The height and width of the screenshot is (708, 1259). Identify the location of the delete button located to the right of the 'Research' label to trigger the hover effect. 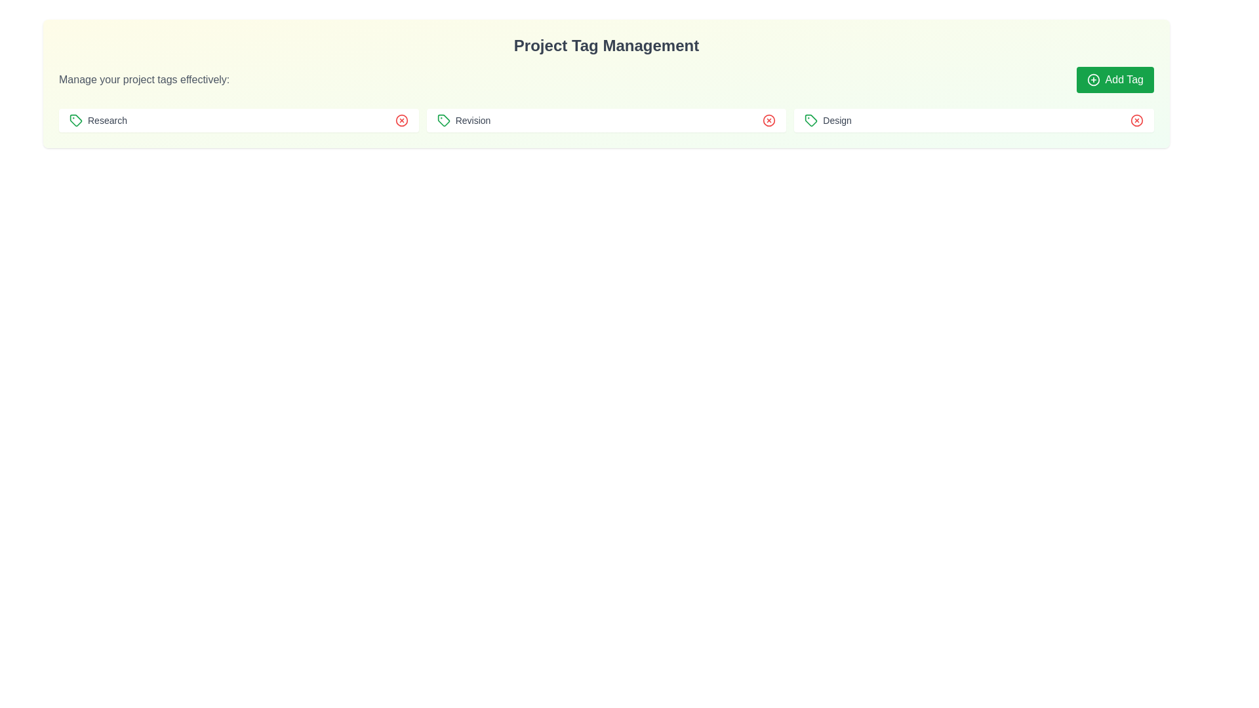
(401, 121).